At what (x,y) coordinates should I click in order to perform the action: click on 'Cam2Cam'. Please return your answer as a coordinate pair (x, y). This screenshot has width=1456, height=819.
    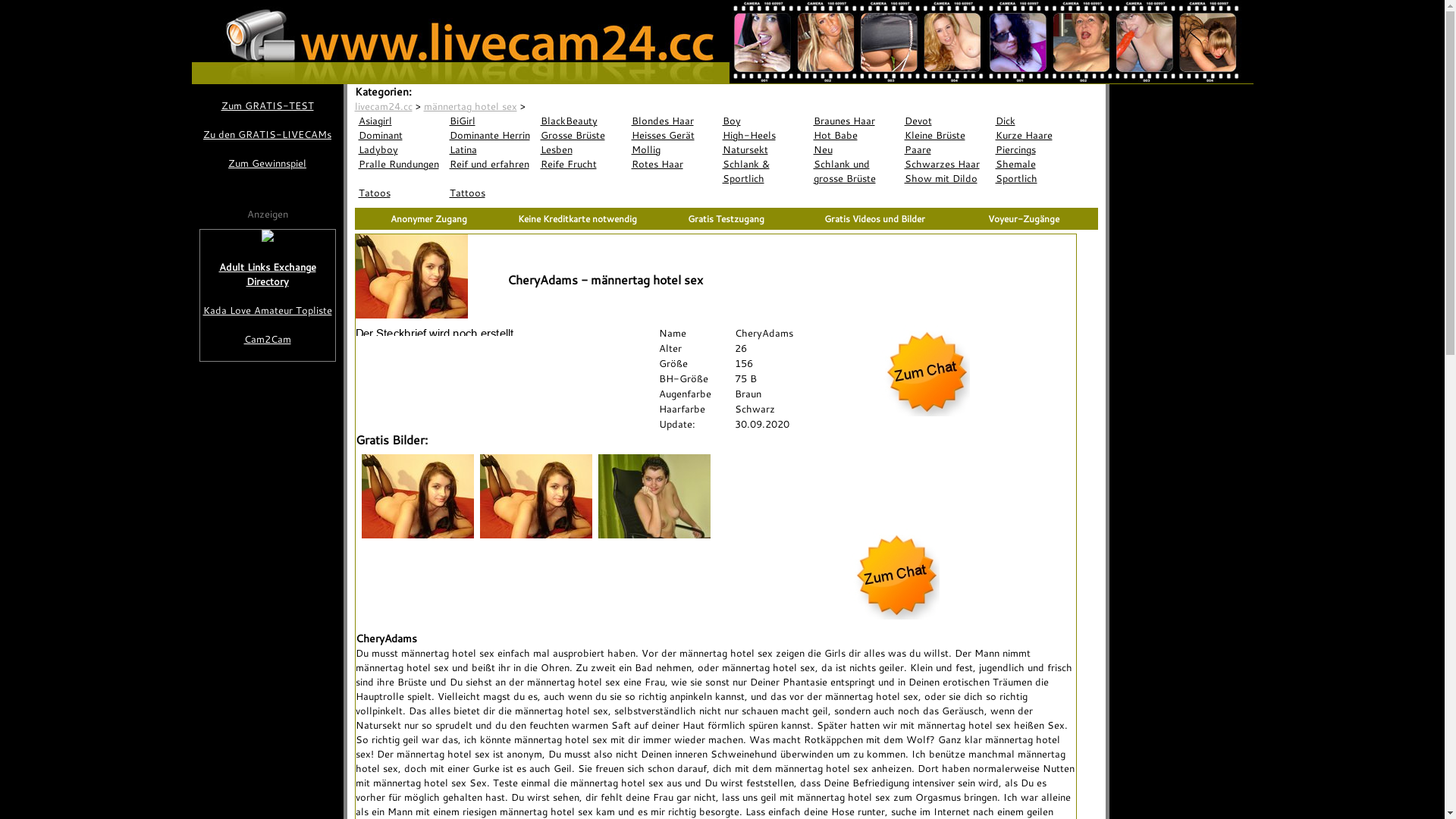
    Looking at the image, I should click on (268, 338).